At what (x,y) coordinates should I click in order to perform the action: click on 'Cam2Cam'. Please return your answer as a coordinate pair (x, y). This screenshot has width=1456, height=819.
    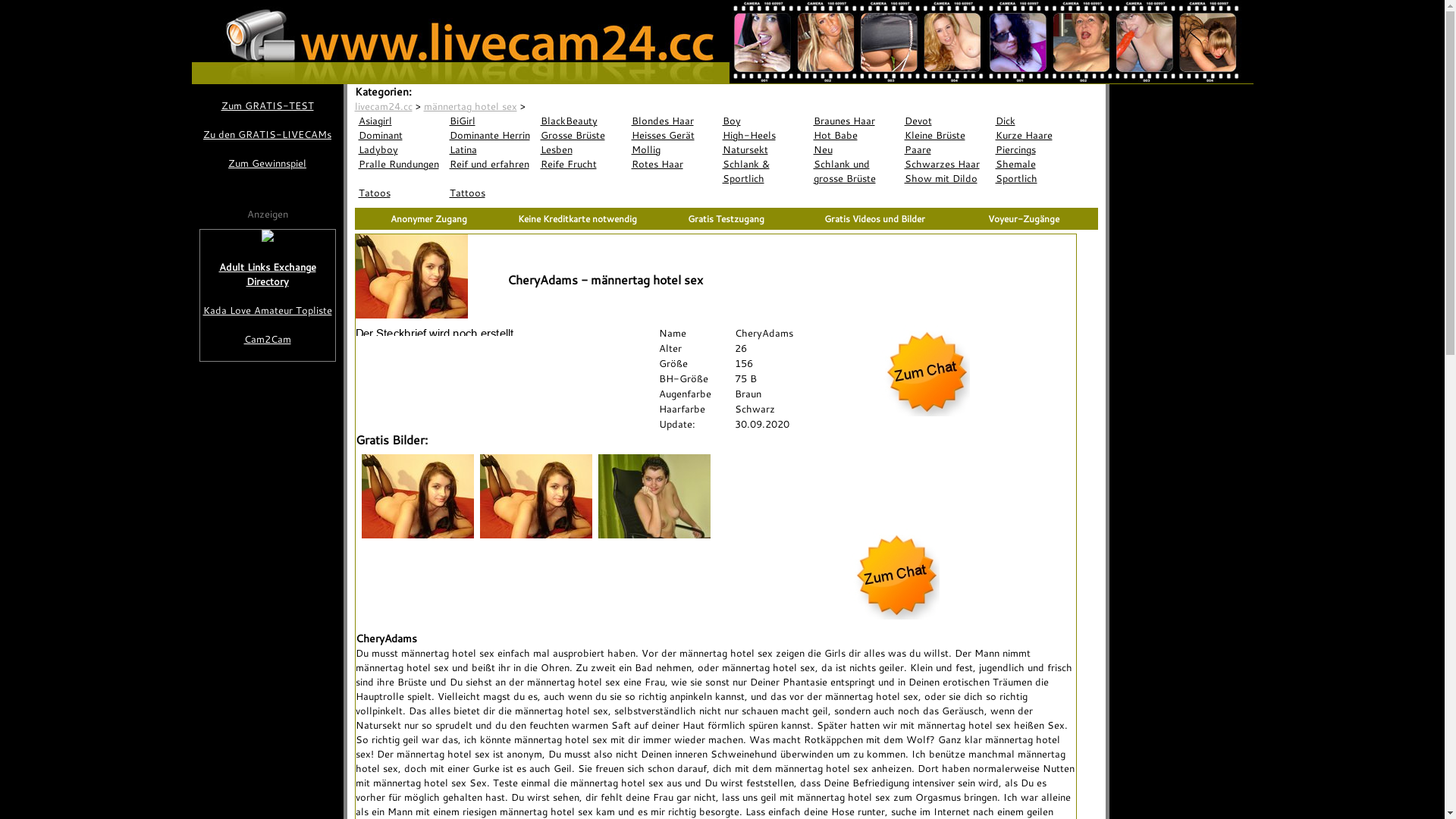
    Looking at the image, I should click on (268, 338).